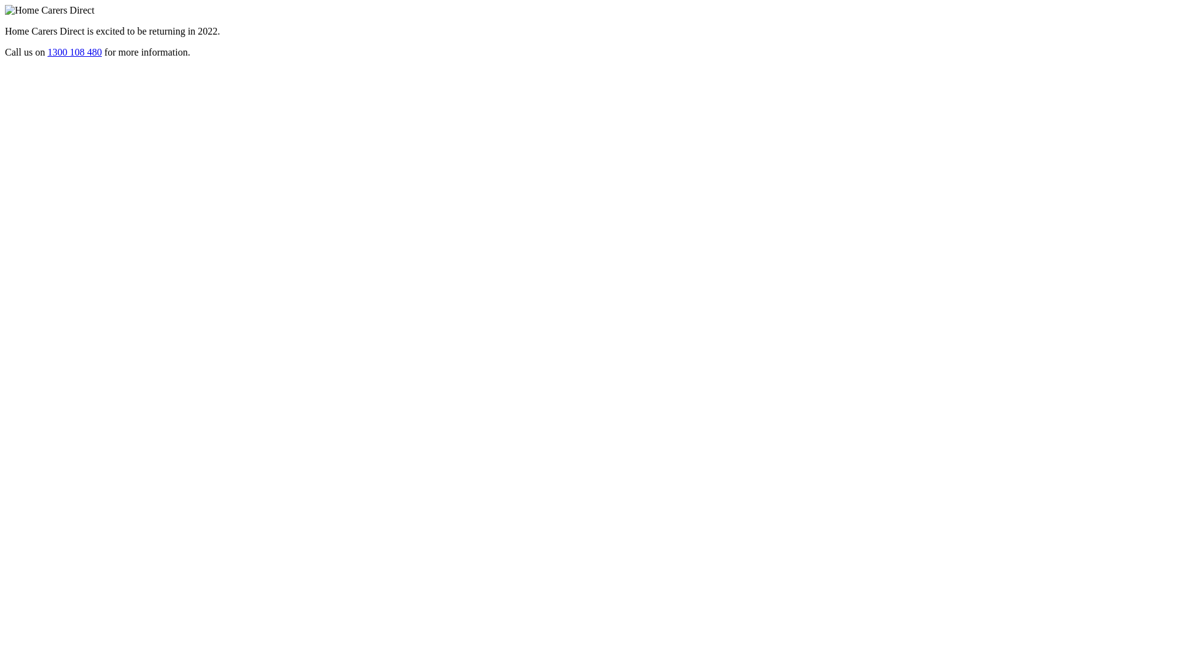 The height and width of the screenshot is (667, 1186). Describe the element at coordinates (74, 51) in the screenshot. I see `'1300 108 480'` at that location.